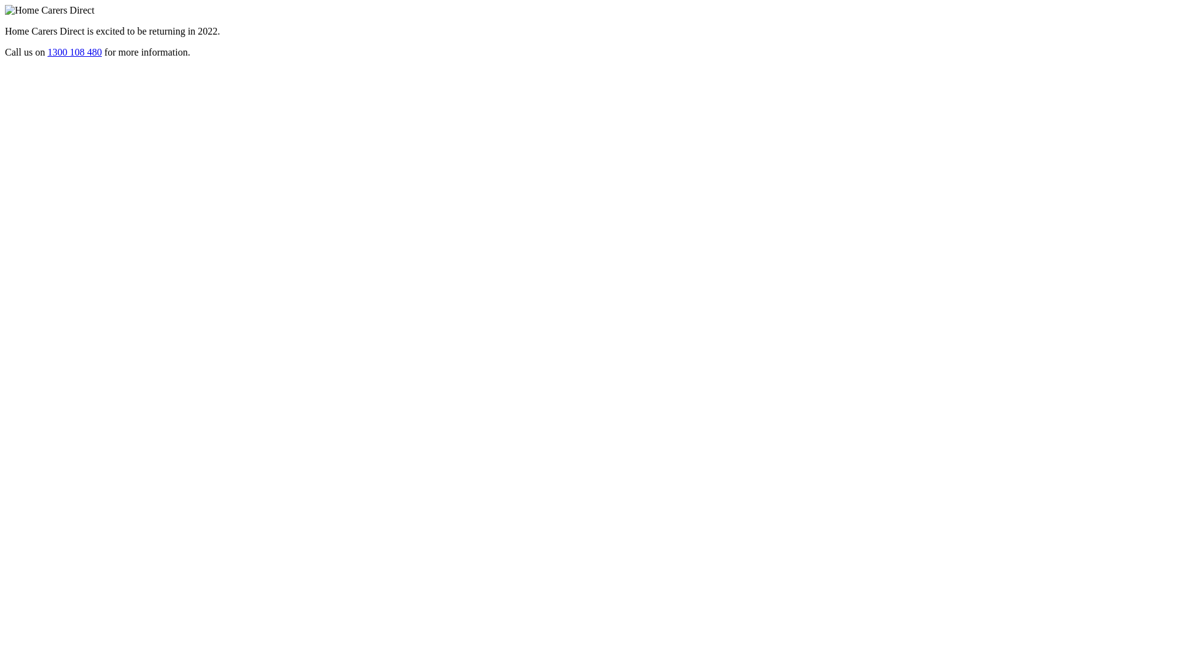 The height and width of the screenshot is (667, 1186). Describe the element at coordinates (74, 51) in the screenshot. I see `'1300 108 480'` at that location.